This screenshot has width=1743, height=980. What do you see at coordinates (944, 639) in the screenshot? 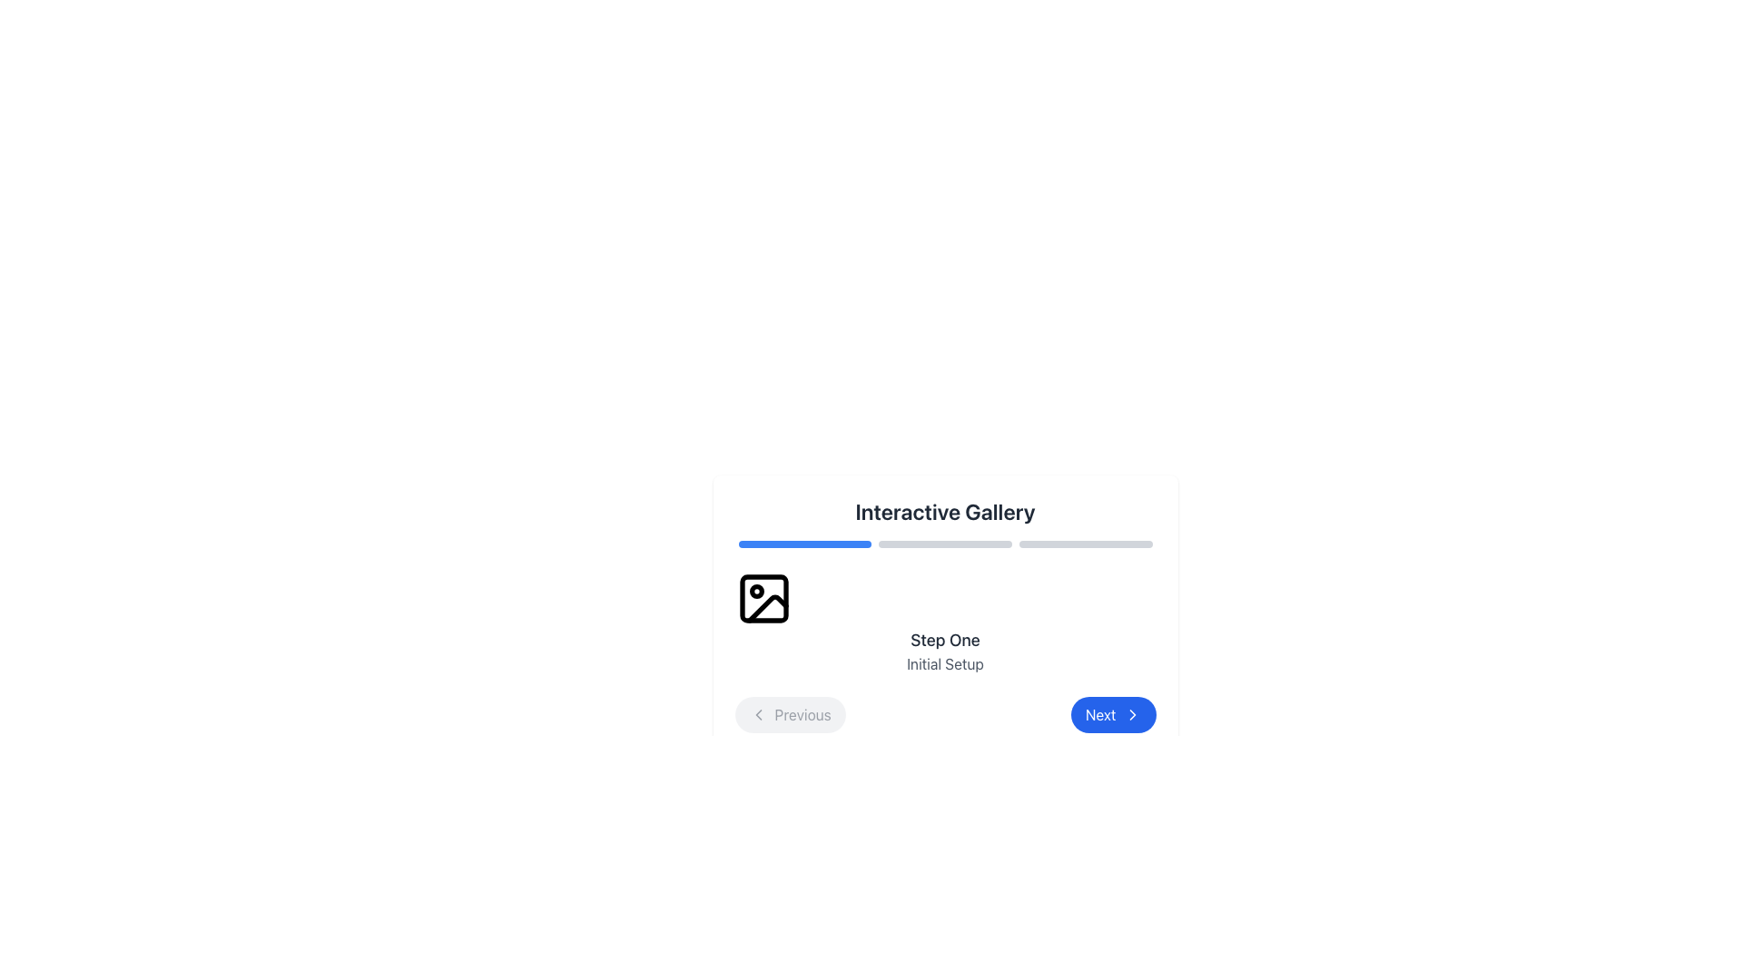
I see `the Static Text element that represents the current step in a process, located below a graphical icon and above the text 'Initial Setup'` at bounding box center [944, 639].